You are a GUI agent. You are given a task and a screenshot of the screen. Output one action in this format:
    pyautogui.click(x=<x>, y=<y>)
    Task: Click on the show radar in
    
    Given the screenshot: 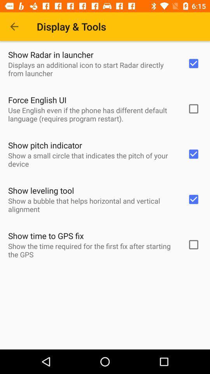 What is the action you would take?
    pyautogui.click(x=51, y=54)
    